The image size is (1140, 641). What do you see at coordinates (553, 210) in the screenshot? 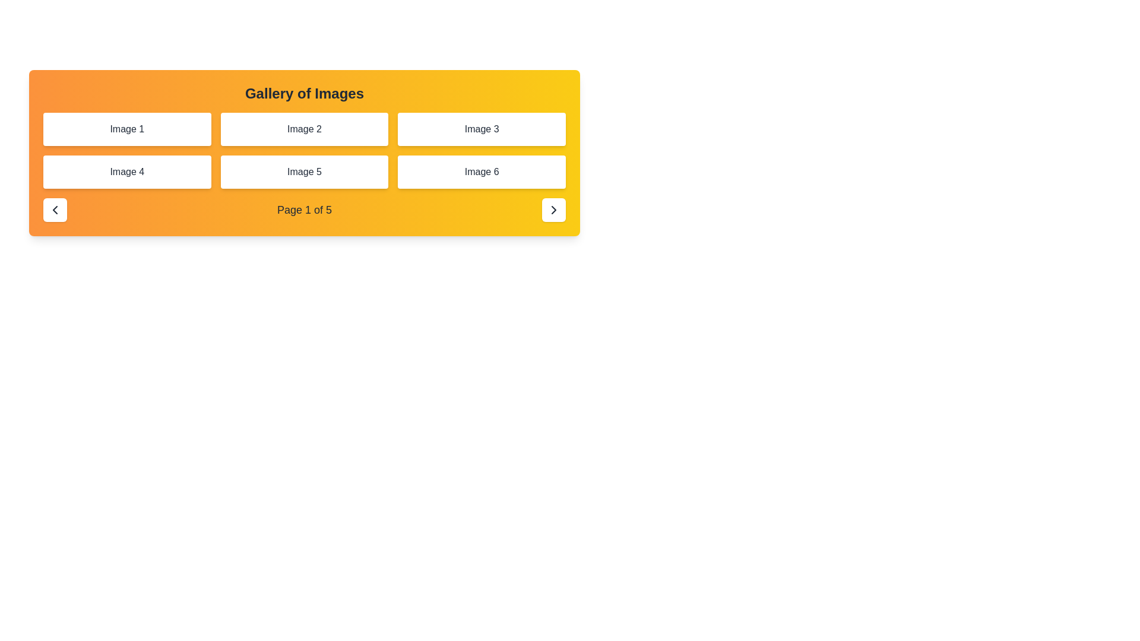
I see `the circular button with a white background and a black chevron pointing to the right, which is located on the right side of the 'Page 1 of 5' text` at bounding box center [553, 210].